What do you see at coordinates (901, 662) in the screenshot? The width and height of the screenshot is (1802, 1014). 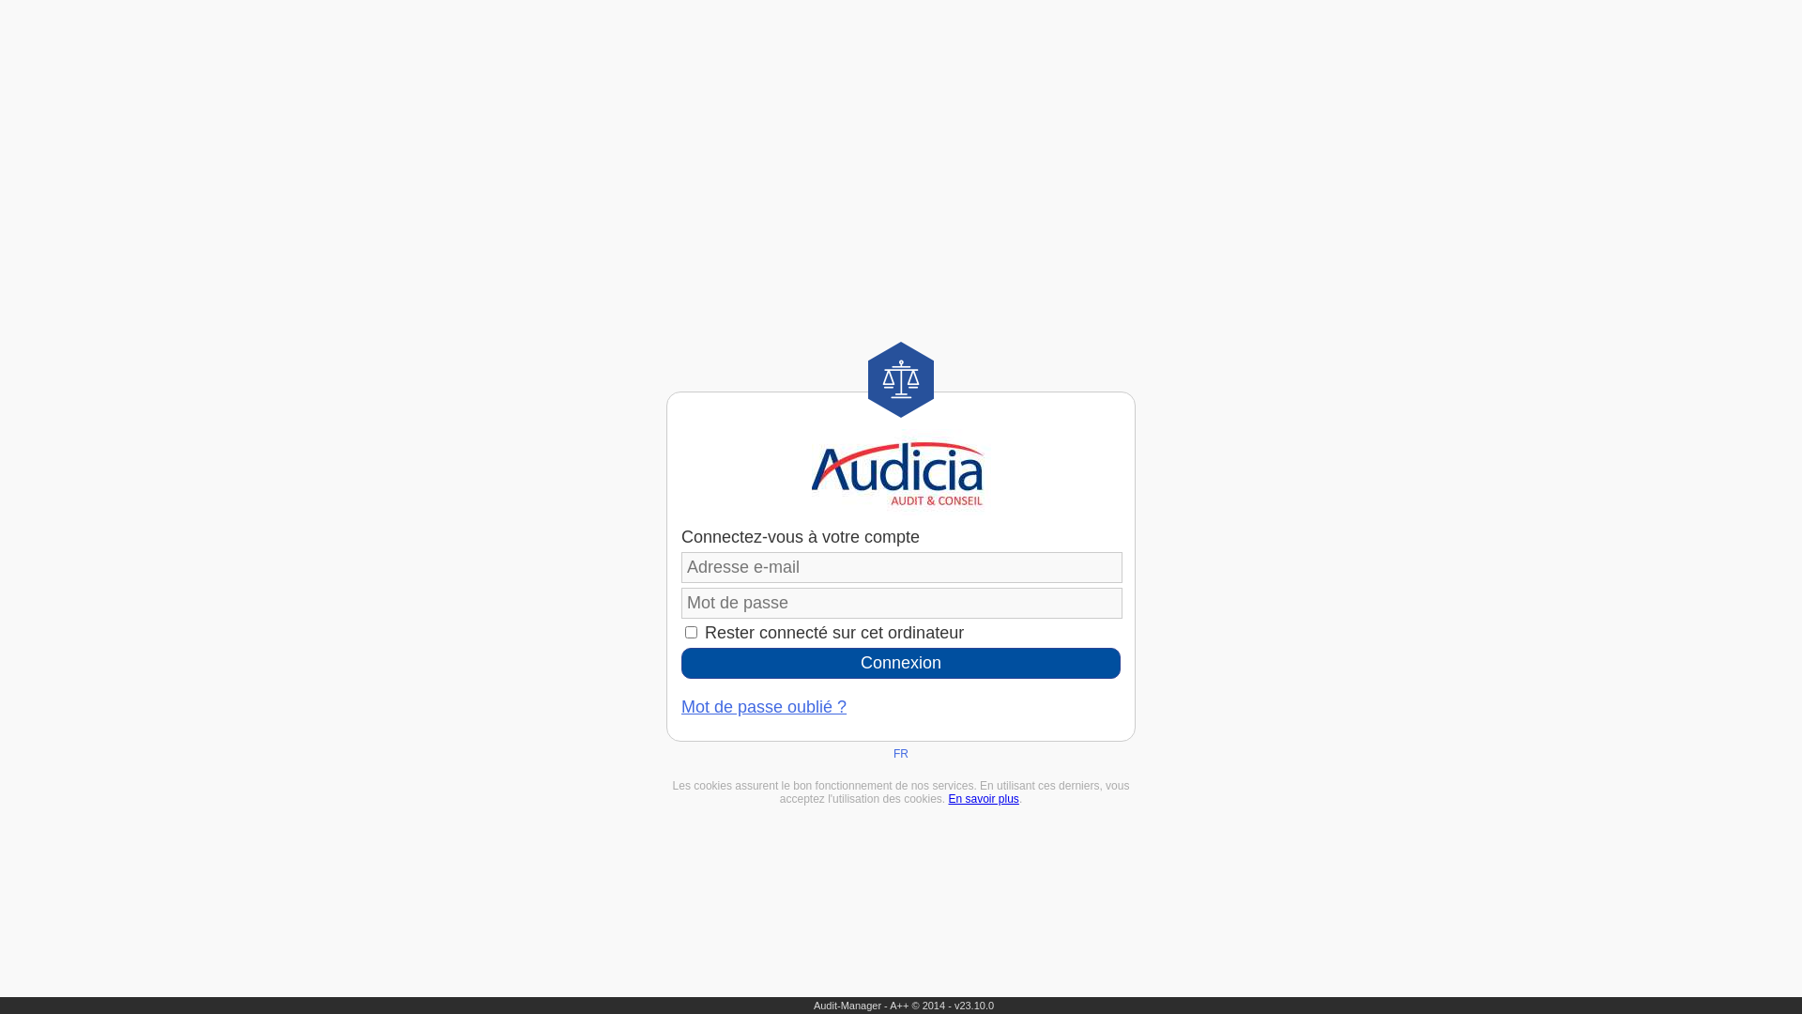 I see `'Connexion'` at bounding box center [901, 662].